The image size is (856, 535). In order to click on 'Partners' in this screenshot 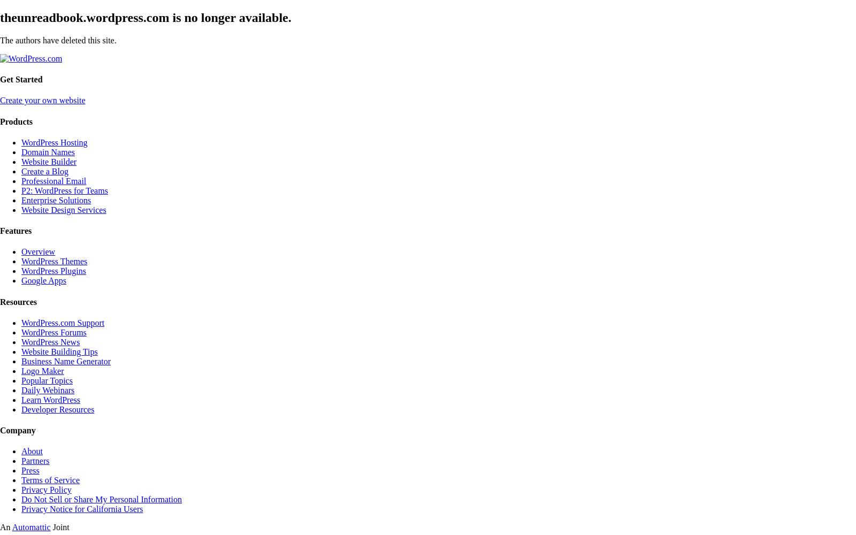, I will do `click(35, 460)`.